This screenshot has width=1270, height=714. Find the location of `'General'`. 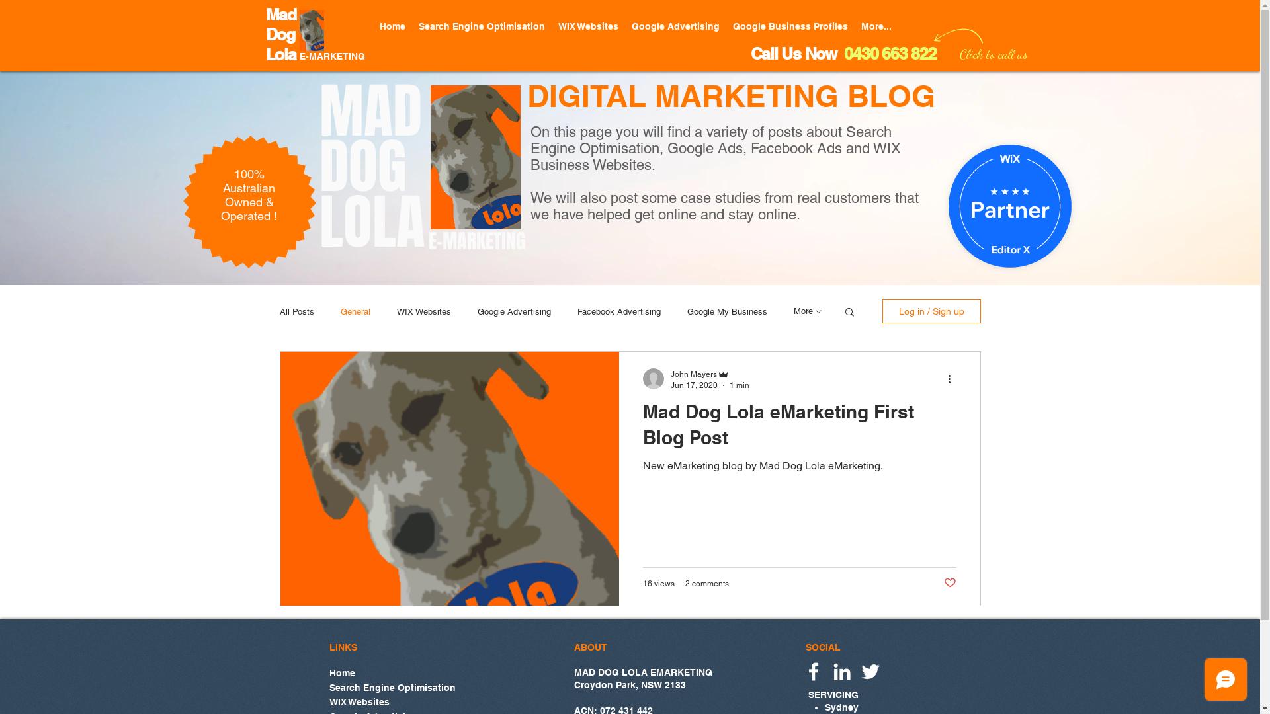

'General' is located at coordinates (355, 311).